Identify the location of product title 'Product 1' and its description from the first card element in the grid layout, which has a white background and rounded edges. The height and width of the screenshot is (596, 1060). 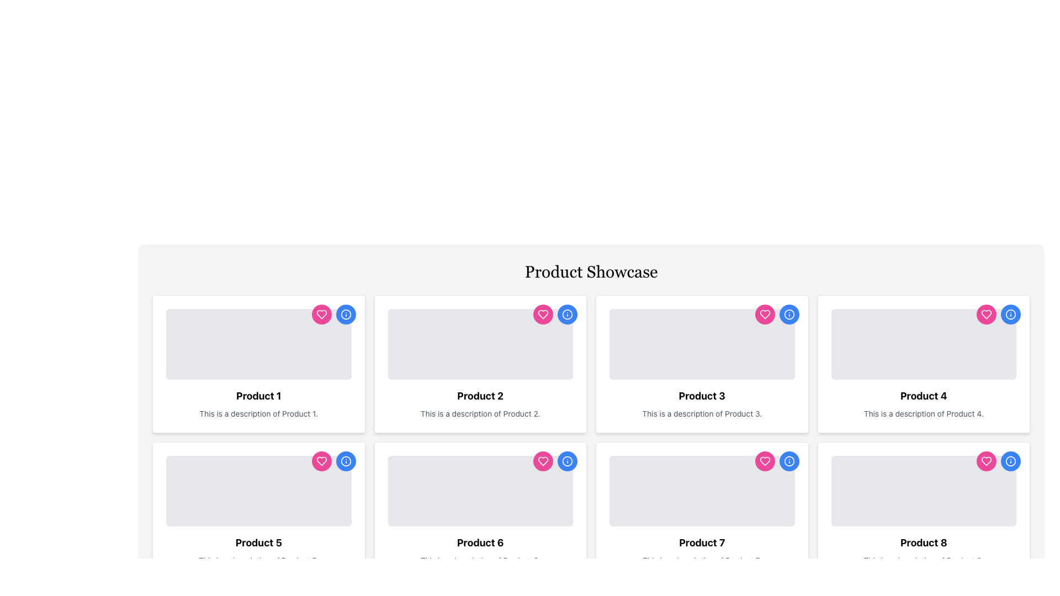
(258, 364).